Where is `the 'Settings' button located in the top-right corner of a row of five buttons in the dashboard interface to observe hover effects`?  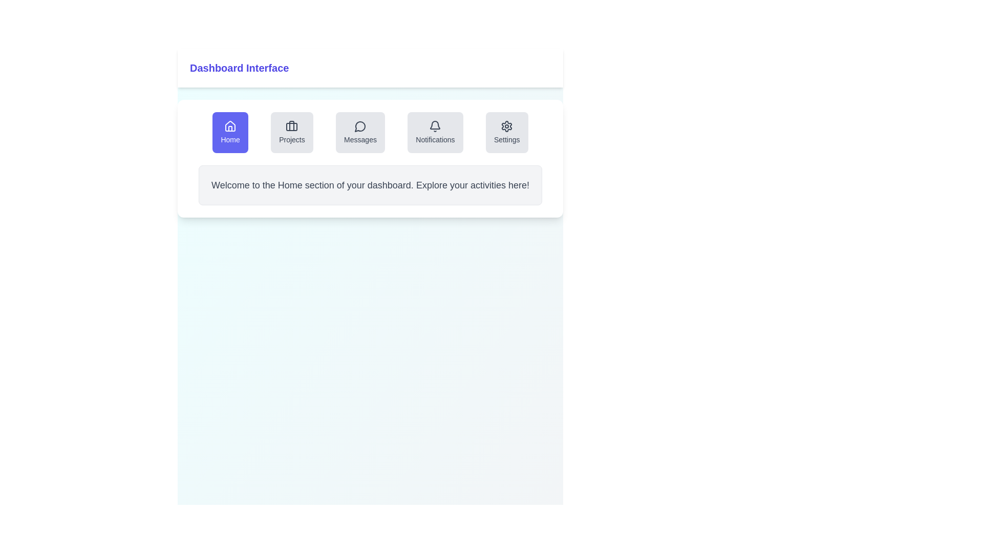 the 'Settings' button located in the top-right corner of a row of five buttons in the dashboard interface to observe hover effects is located at coordinates (507, 132).